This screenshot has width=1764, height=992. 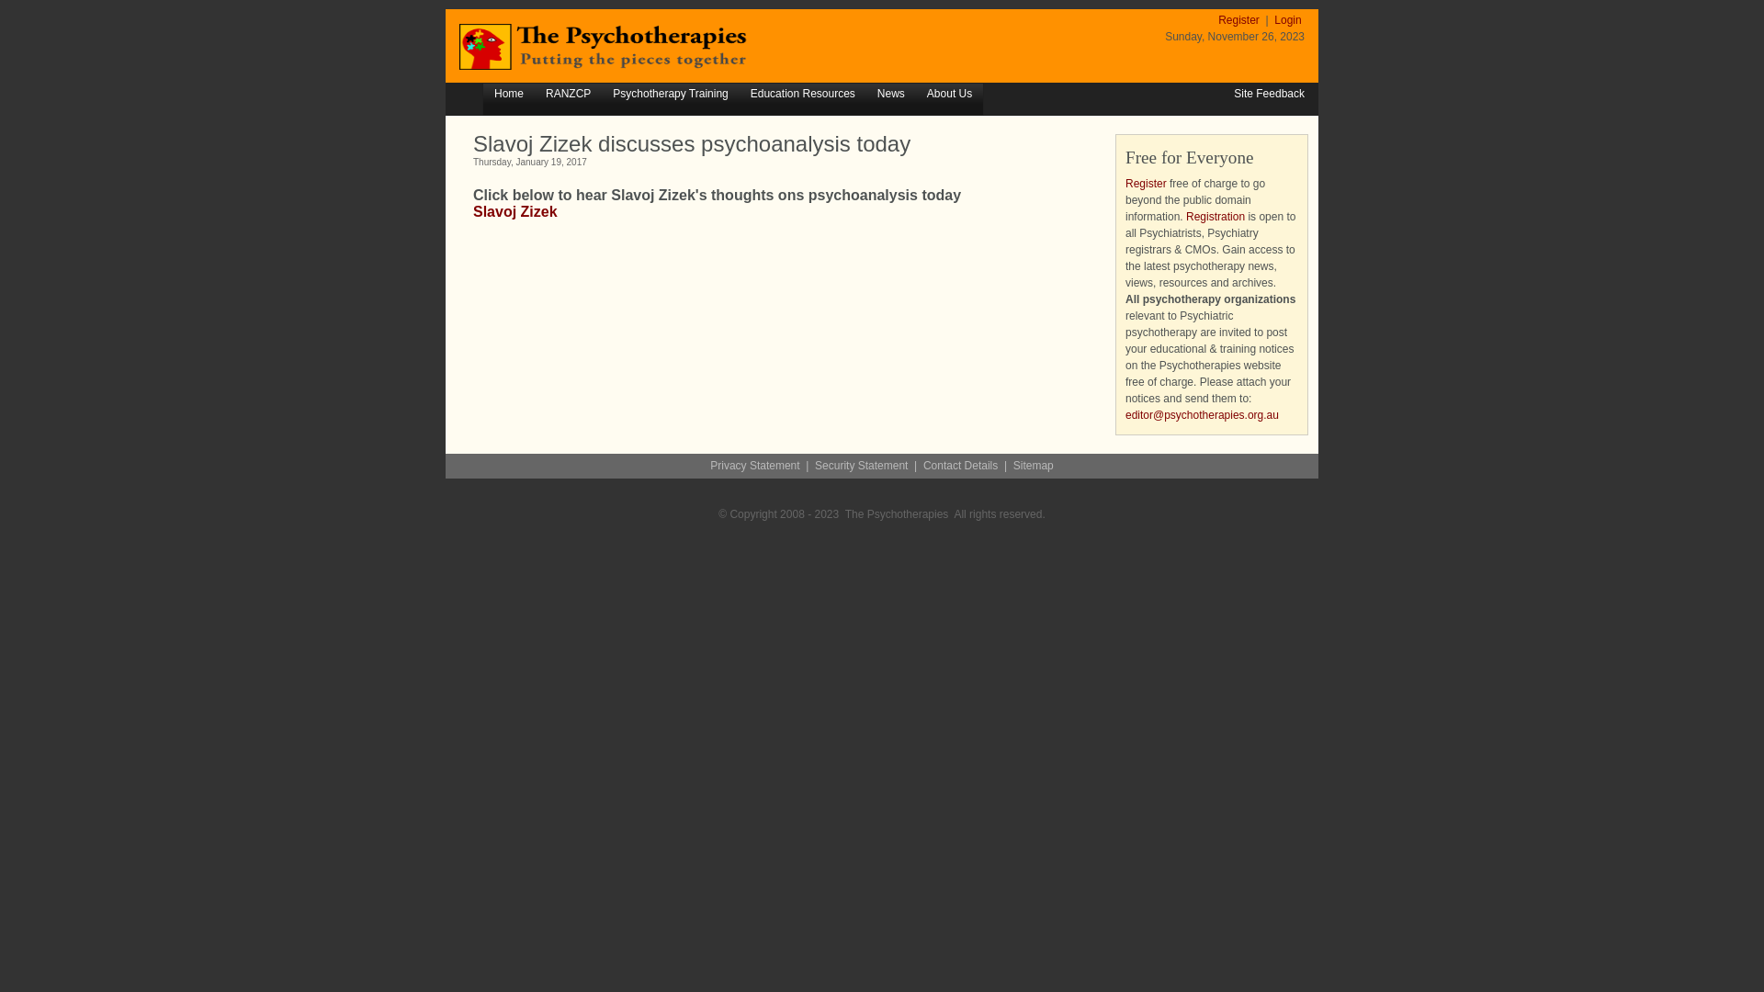 I want to click on 'Sitemap', so click(x=1033, y=464).